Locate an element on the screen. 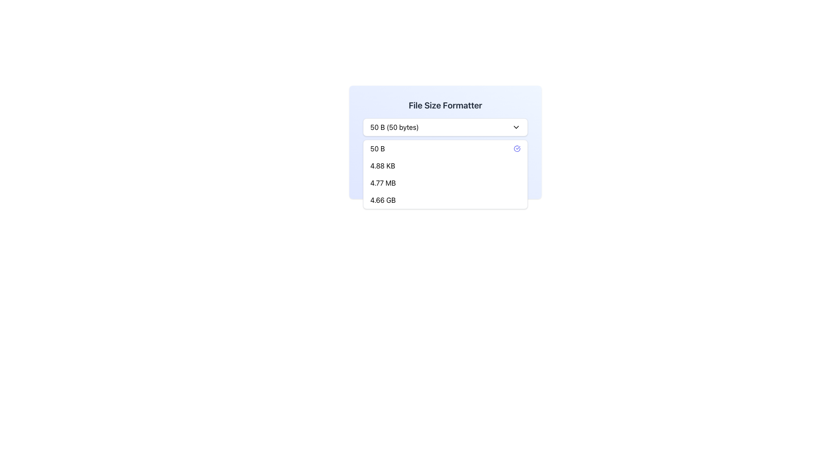 The image size is (824, 463). the '4.77 MB' option in the dropdown menu is located at coordinates (445, 183).